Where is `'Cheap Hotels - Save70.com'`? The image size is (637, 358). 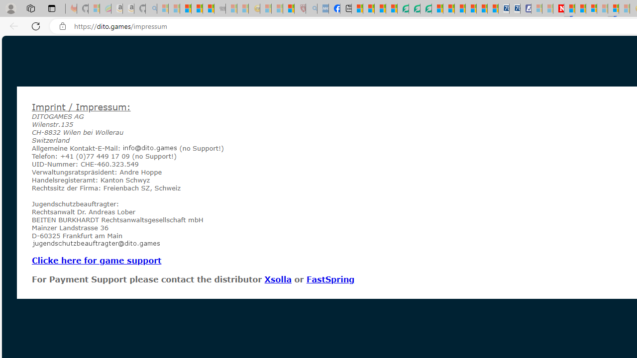
'Cheap Hotels - Save70.com' is located at coordinates (515, 8).